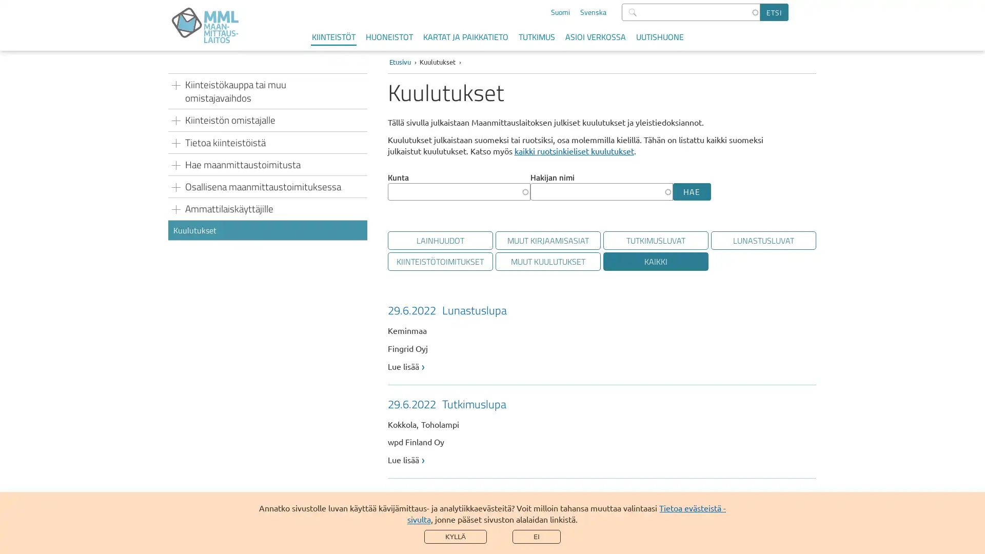  Describe the element at coordinates (440, 261) in the screenshot. I see `KIINTEISTOTOIMITUKSET` at that location.